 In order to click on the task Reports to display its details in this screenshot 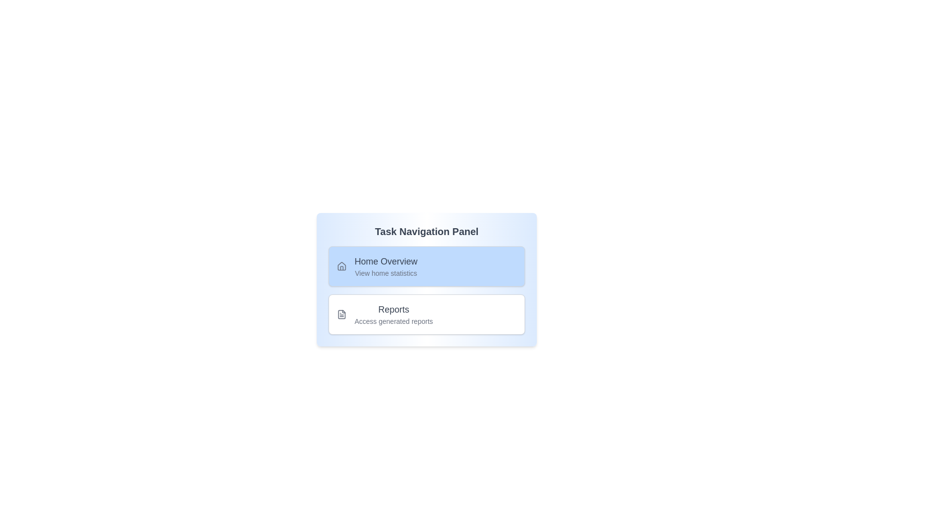, I will do `click(426, 314)`.